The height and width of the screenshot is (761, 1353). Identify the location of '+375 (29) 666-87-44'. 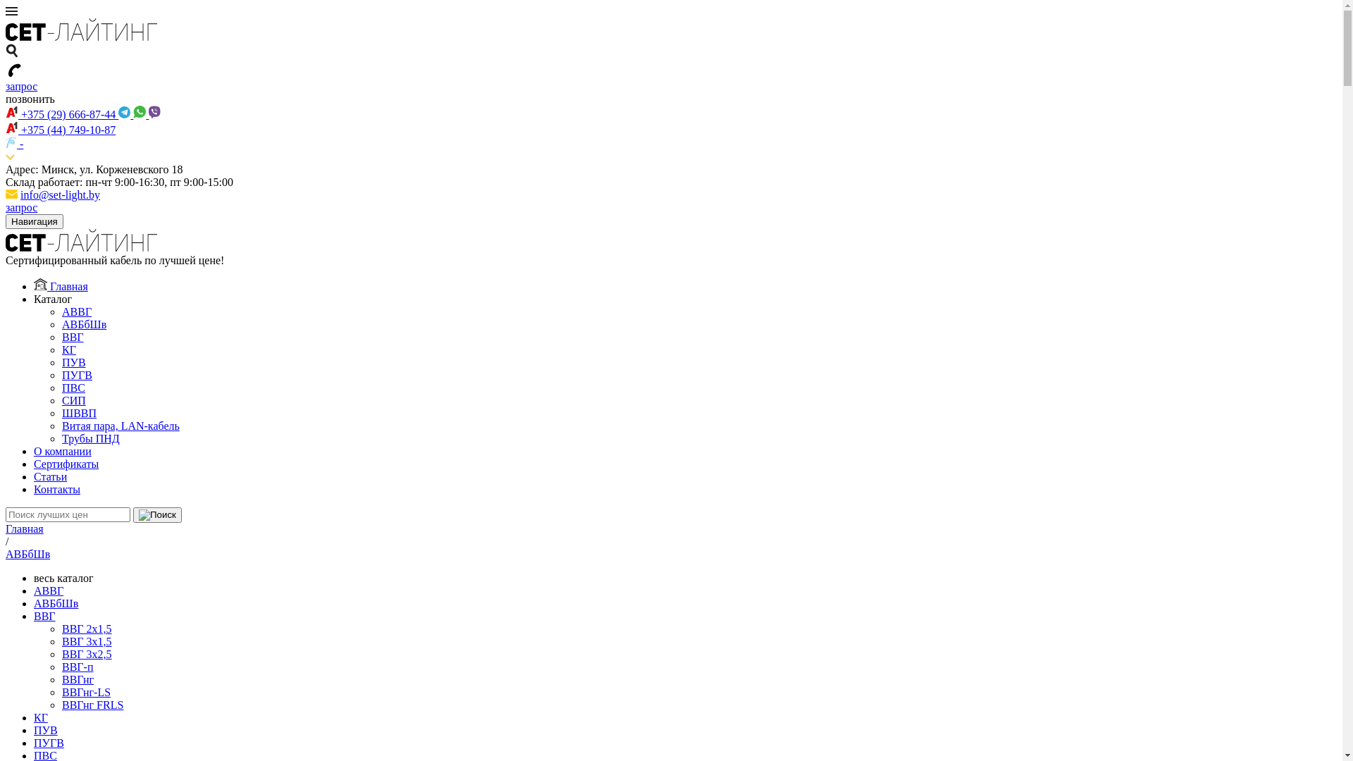
(61, 113).